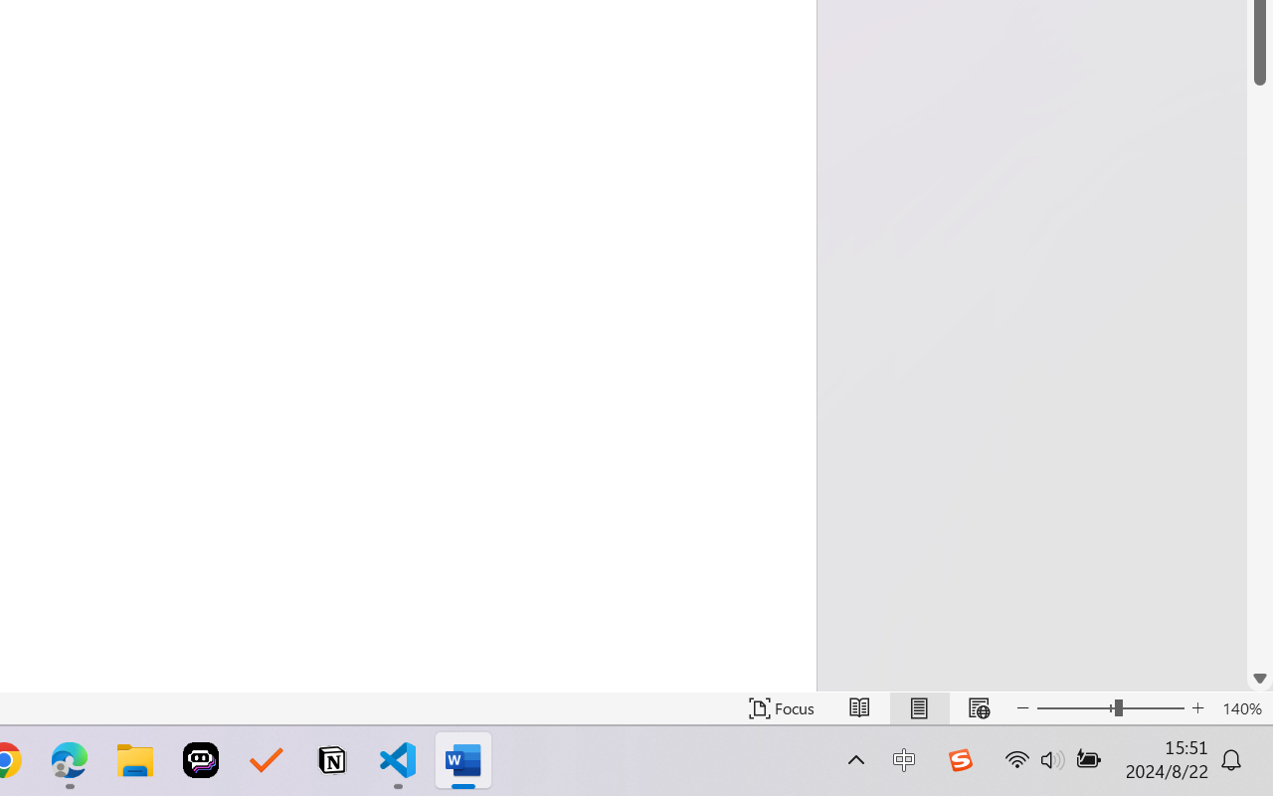  I want to click on 'Web Layout', so click(979, 707).